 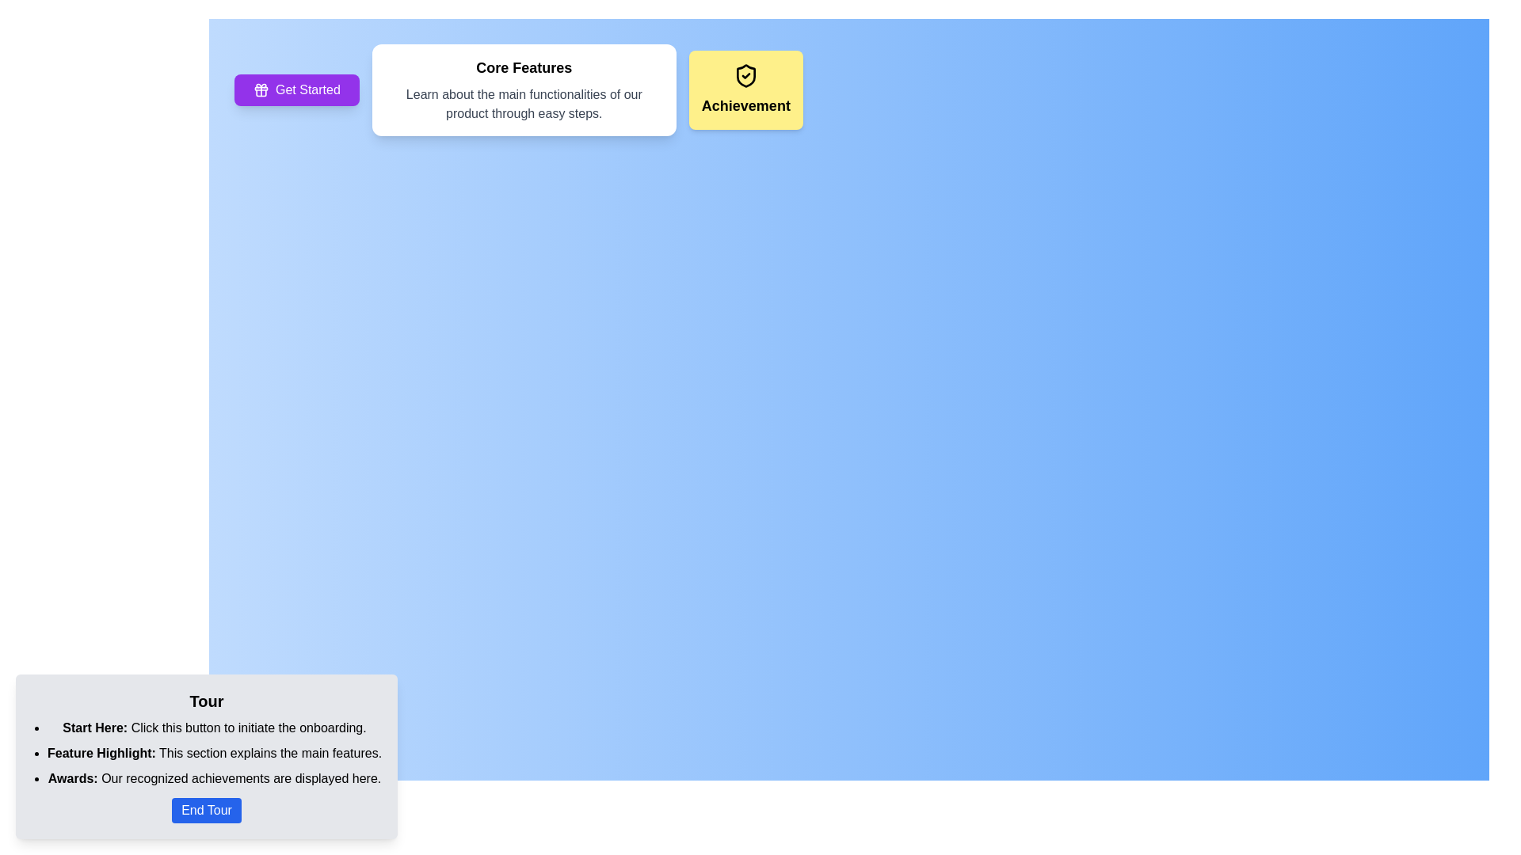 What do you see at coordinates (94, 728) in the screenshot?
I see `the Text Label that introduces the first item in the list within the 'Tour' informational box, located at the top-left corner of the description list` at bounding box center [94, 728].